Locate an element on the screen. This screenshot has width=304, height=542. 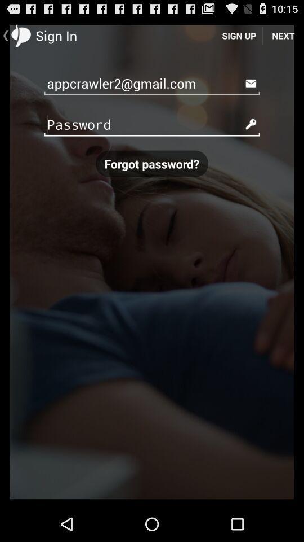
the item to the right of the sign in item is located at coordinates (238, 35).